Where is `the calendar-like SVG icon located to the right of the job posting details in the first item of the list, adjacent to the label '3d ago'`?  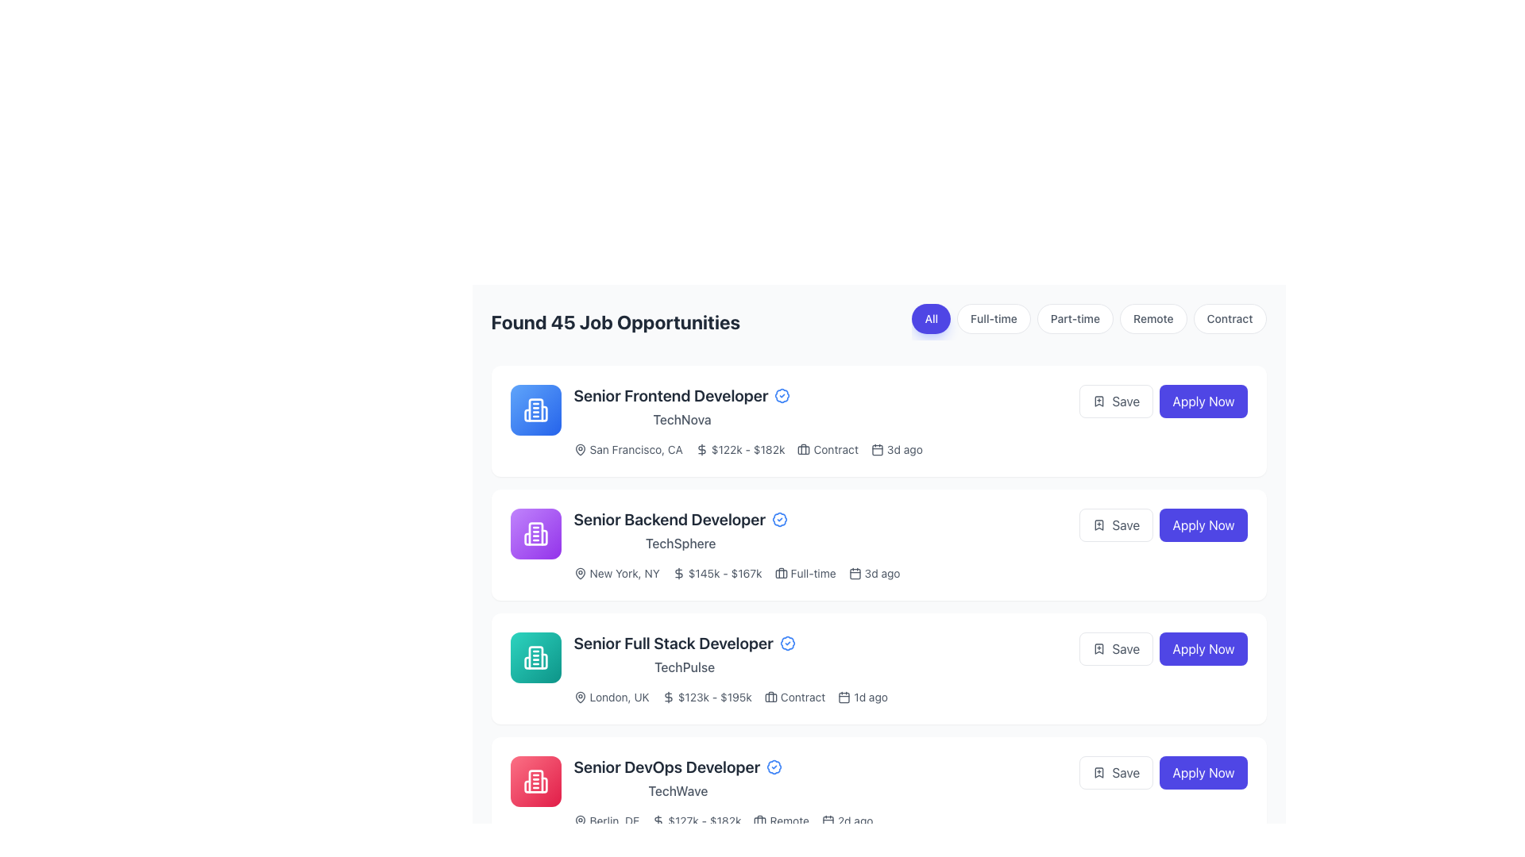 the calendar-like SVG icon located to the right of the job posting details in the first item of the list, adjacent to the label '3d ago' is located at coordinates (876, 450).